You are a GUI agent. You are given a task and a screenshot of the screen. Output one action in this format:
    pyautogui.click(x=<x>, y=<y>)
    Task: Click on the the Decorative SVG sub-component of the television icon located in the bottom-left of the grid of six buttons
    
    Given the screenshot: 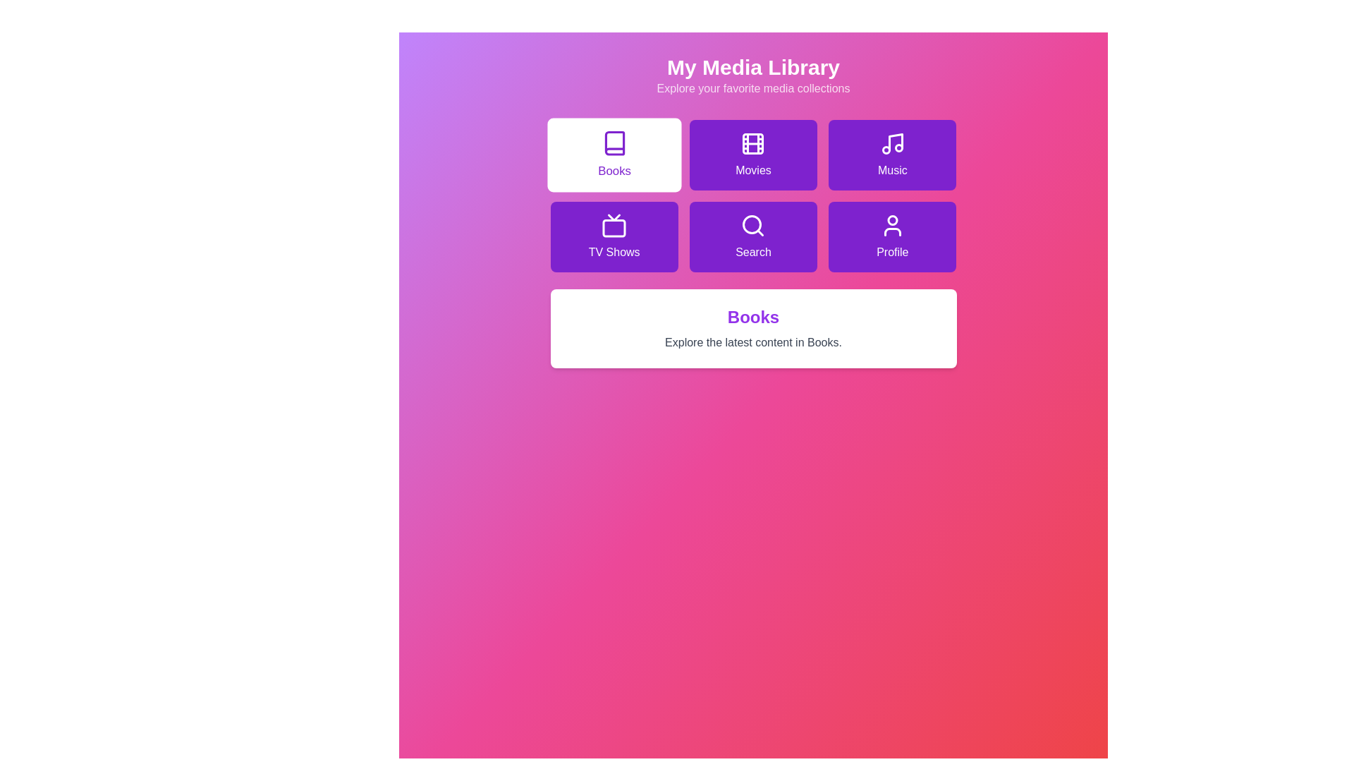 What is the action you would take?
    pyautogui.click(x=614, y=227)
    